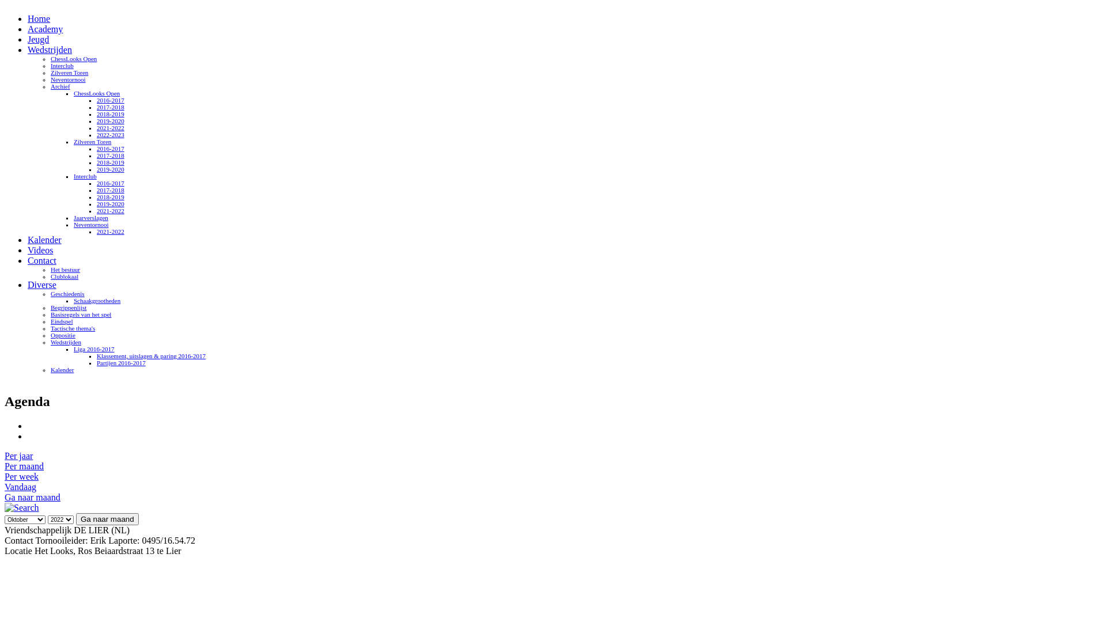 Image resolution: width=1106 pixels, height=622 pixels. Describe the element at coordinates (111, 113) in the screenshot. I see `'2018-2019'` at that location.